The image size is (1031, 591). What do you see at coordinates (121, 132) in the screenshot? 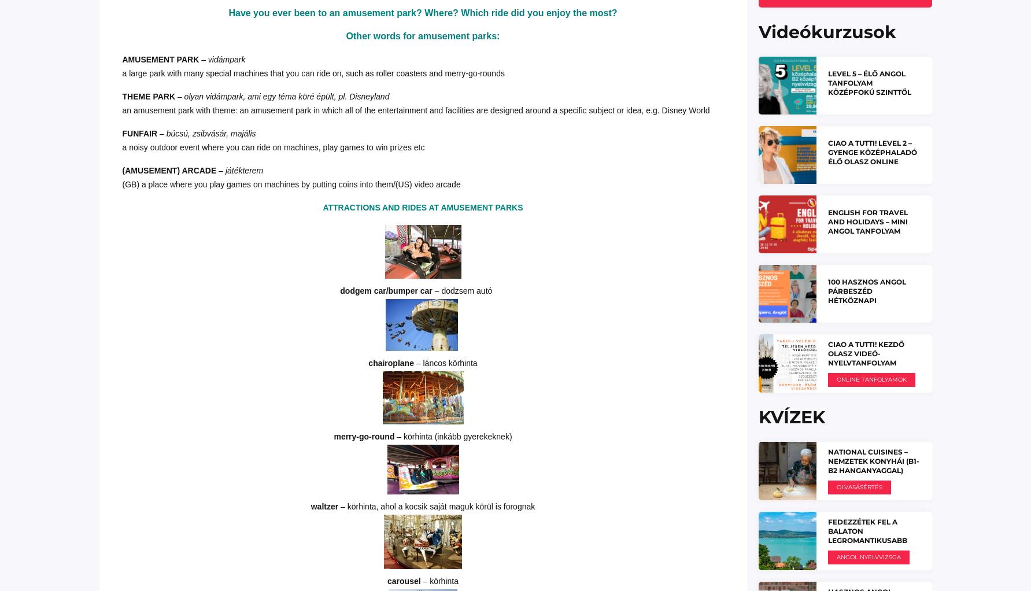
I see `'FUNFAIR'` at bounding box center [121, 132].